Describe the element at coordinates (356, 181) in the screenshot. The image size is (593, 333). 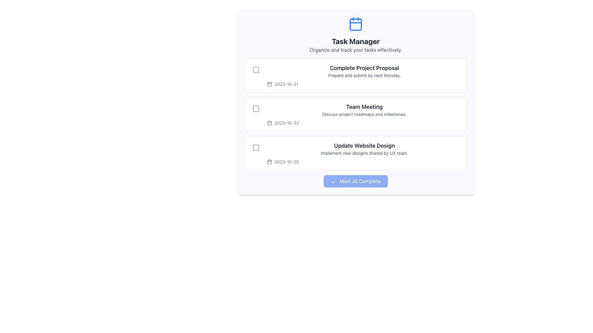
I see `the button labeled 'Mark All Complete' with a blue background and a checkmark icon` at that location.